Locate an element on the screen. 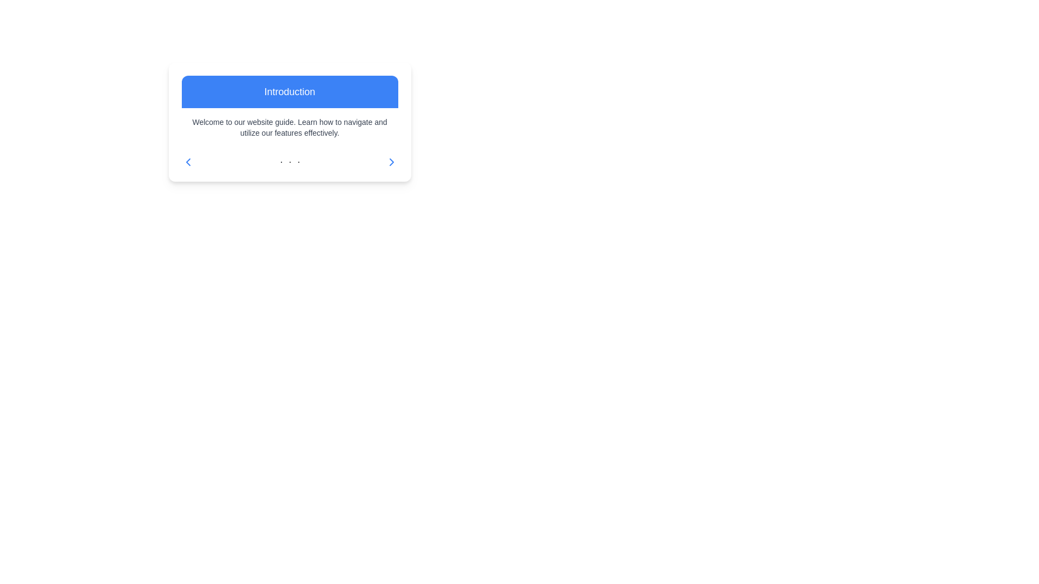 The image size is (1039, 584). the right-pointing chevron arrow icon is located at coordinates (391, 162).